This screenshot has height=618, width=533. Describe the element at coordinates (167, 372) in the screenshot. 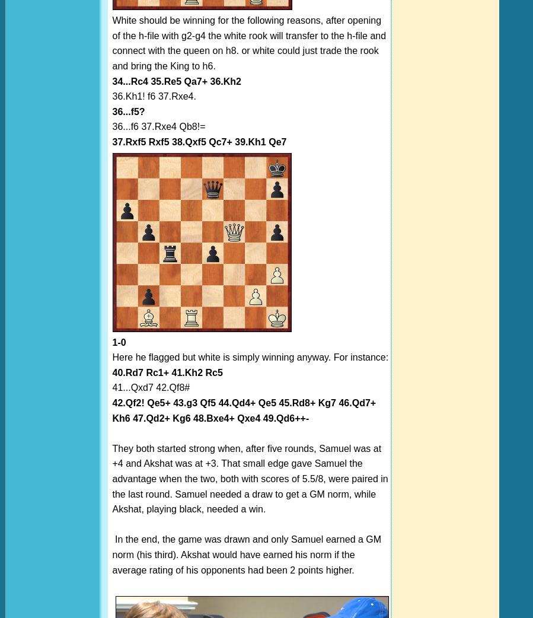

I see `'40.Rd7
Rc1+ 41.Kh2 Rc5'` at that location.